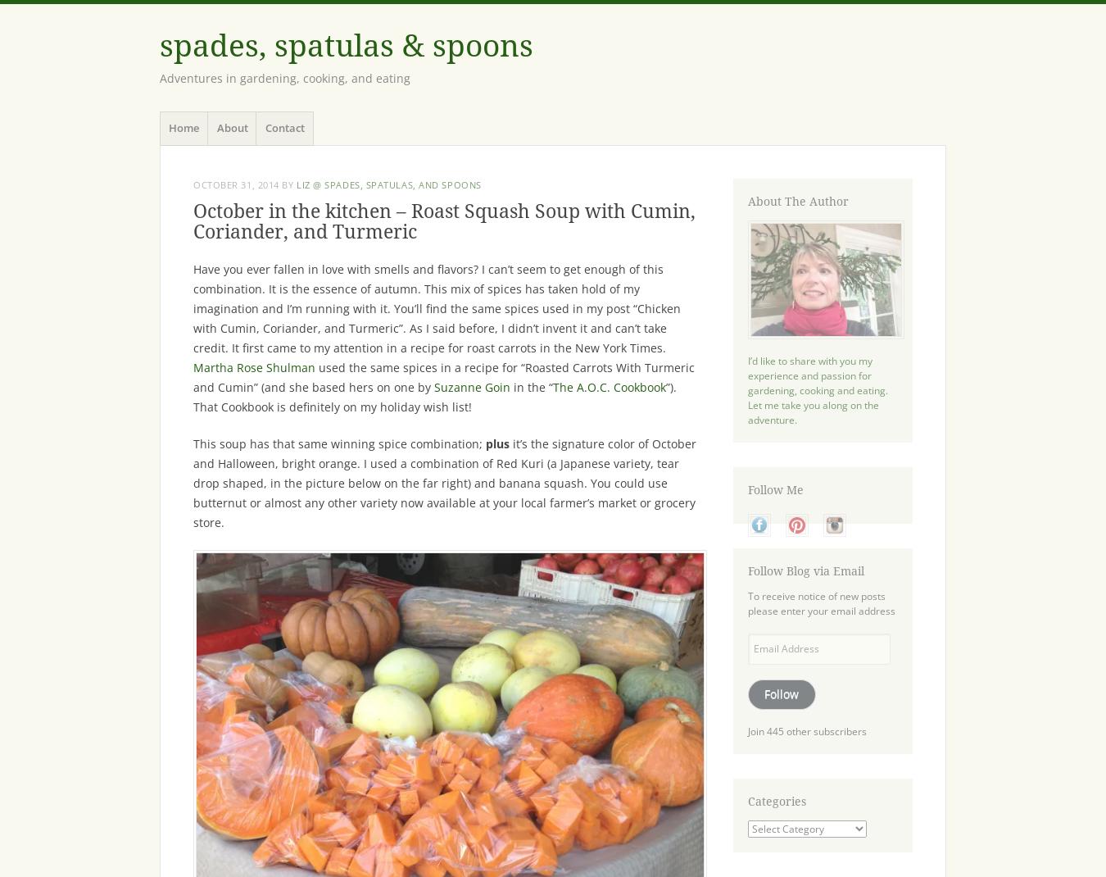 Image resolution: width=1106 pixels, height=877 pixels. Describe the element at coordinates (388, 184) in the screenshot. I see `'Liz @ spades, spatulas, and spoons'` at that location.